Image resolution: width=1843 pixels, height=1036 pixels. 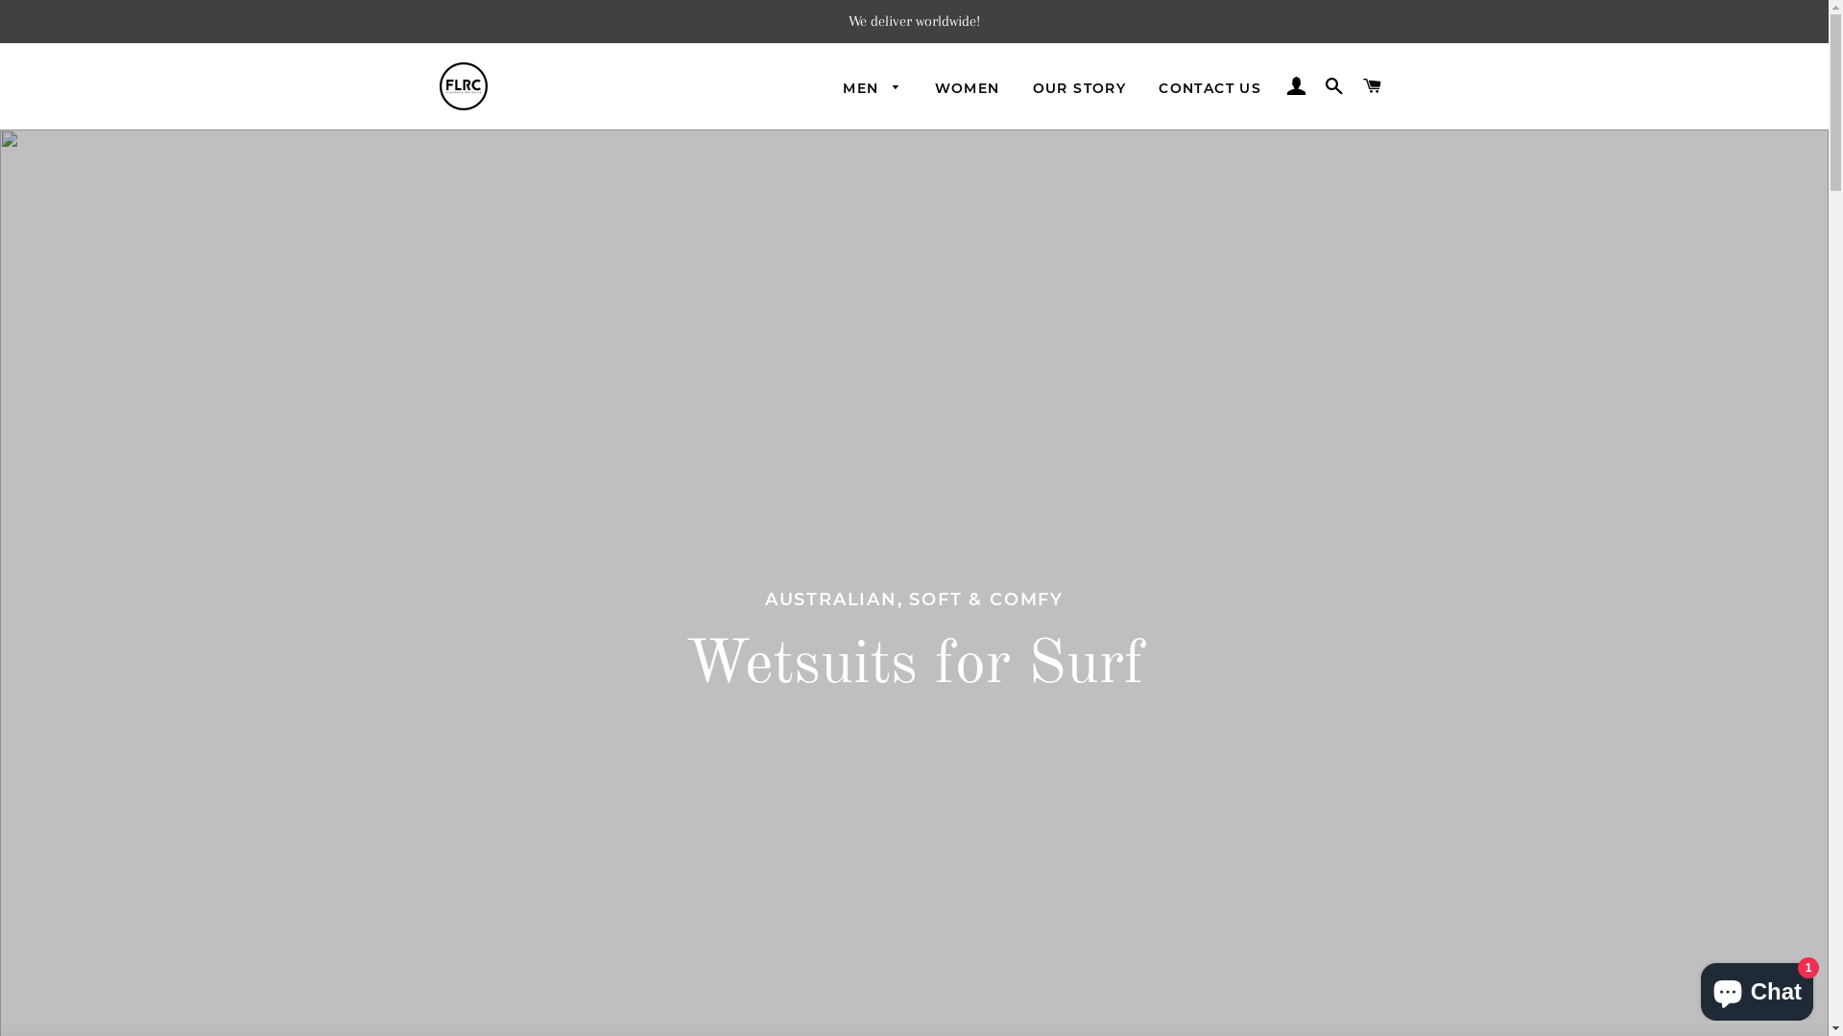 I want to click on 'CART', so click(x=1371, y=84).